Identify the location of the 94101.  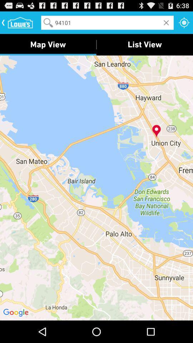
(107, 23).